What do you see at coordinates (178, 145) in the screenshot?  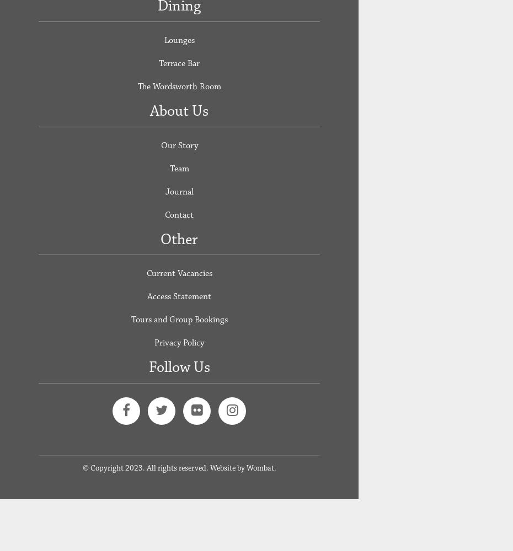 I see `'Our Story'` at bounding box center [178, 145].